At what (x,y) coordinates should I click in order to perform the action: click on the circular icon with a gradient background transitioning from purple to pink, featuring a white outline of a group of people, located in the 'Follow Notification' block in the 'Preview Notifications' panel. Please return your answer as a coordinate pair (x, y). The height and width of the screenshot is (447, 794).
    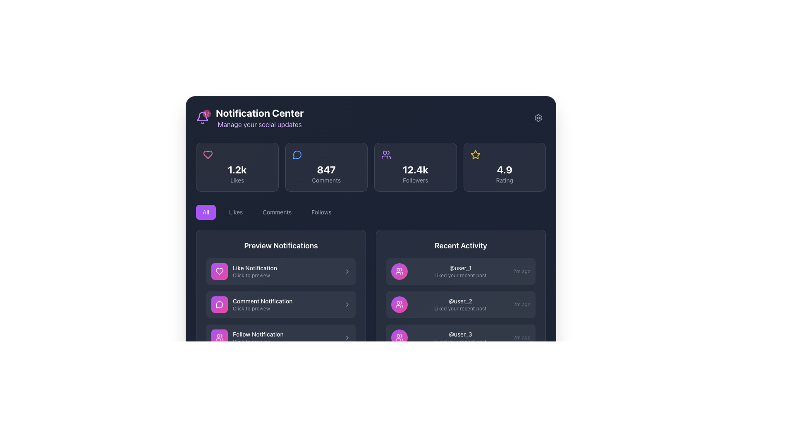
    Looking at the image, I should click on (220, 338).